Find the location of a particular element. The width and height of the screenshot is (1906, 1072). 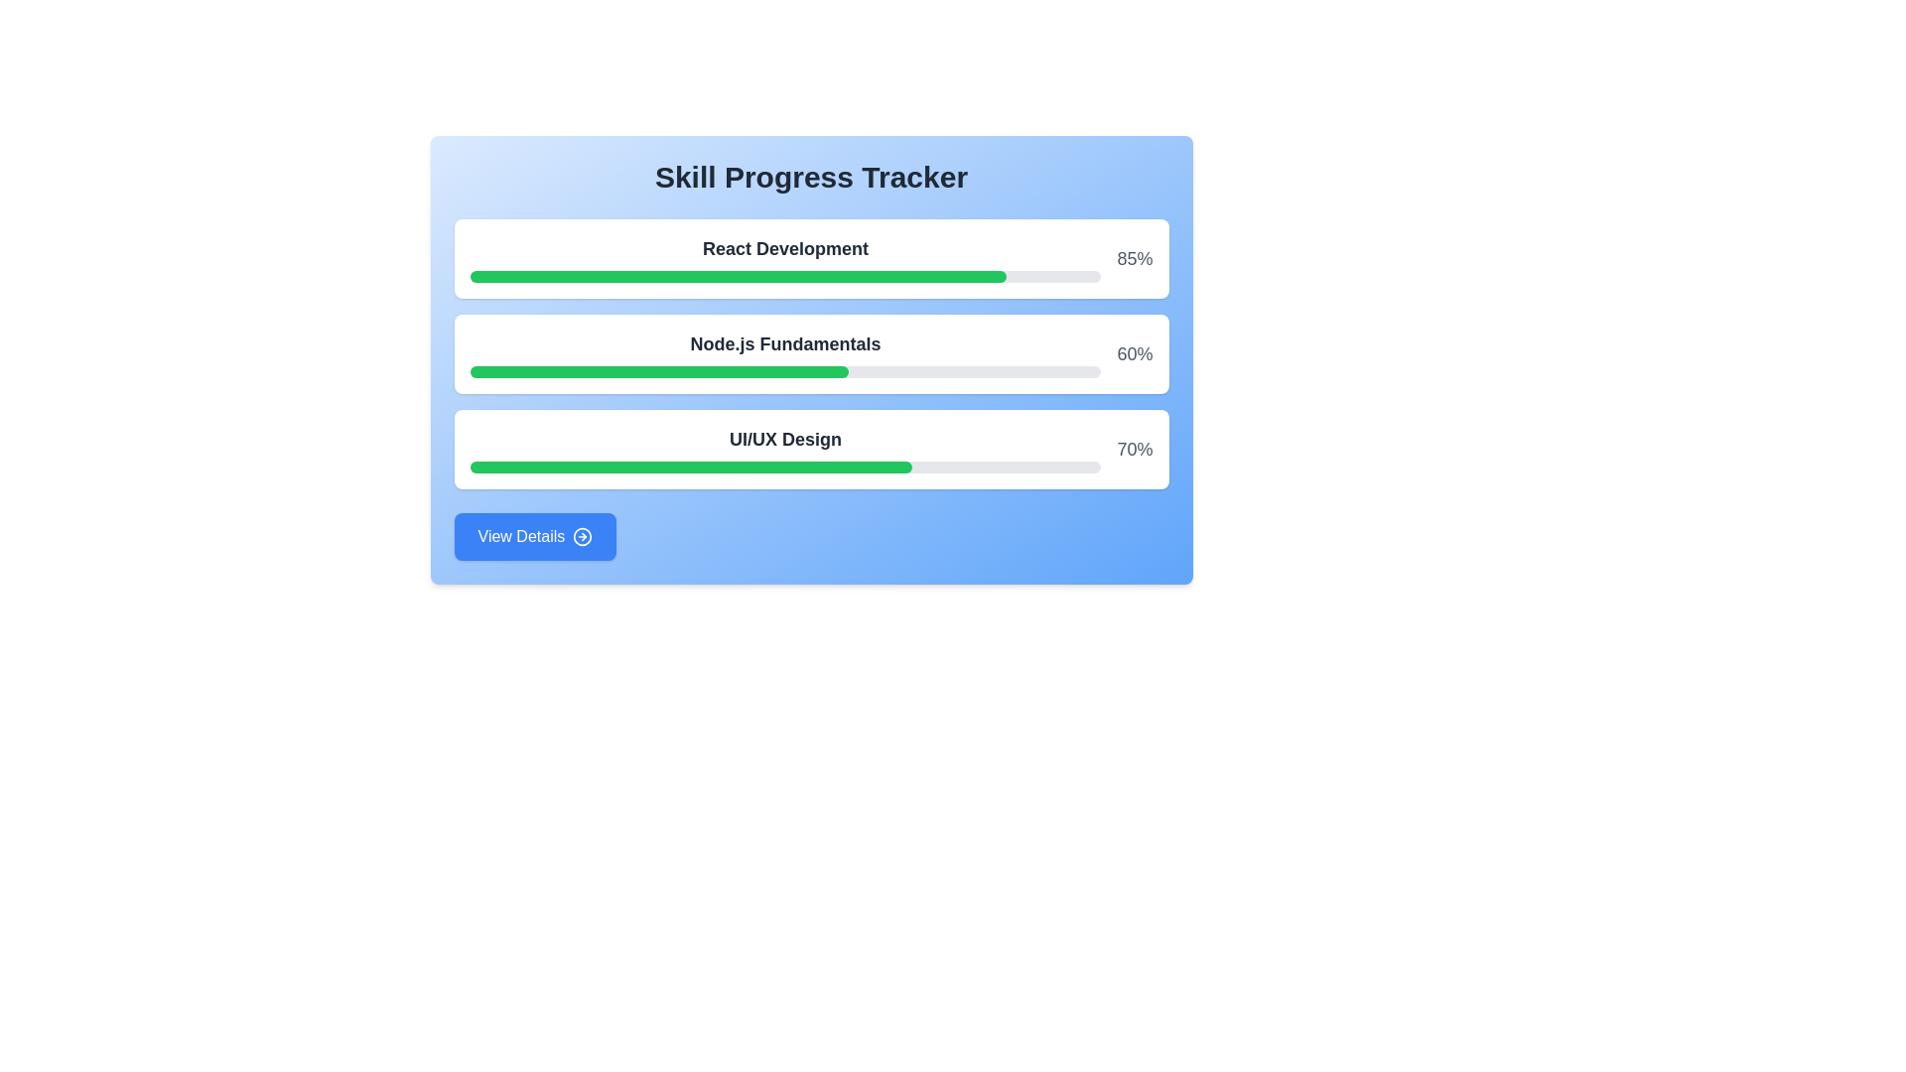

text label 'React Development' displayed in bold, dark gray font above the green progress bar in the first skill progress card is located at coordinates (784, 258).